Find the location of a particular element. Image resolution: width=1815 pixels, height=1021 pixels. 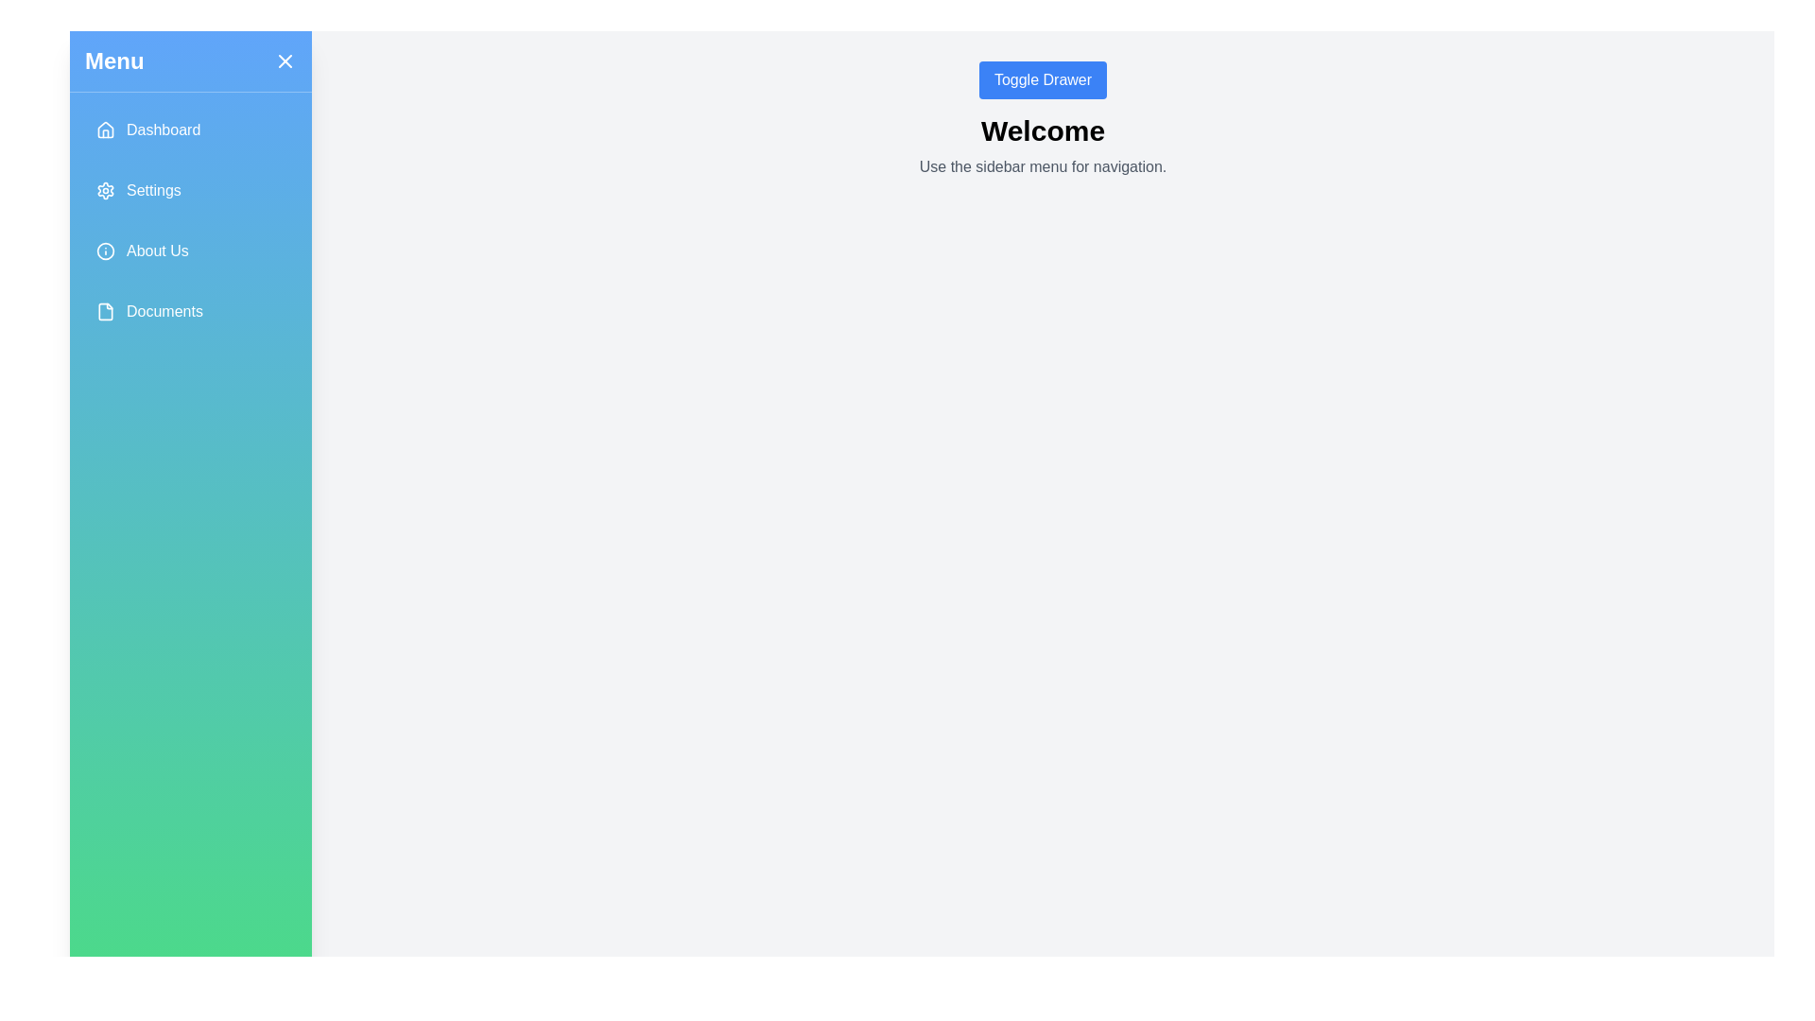

the menu item Documents from the drawer menu is located at coordinates (190, 311).